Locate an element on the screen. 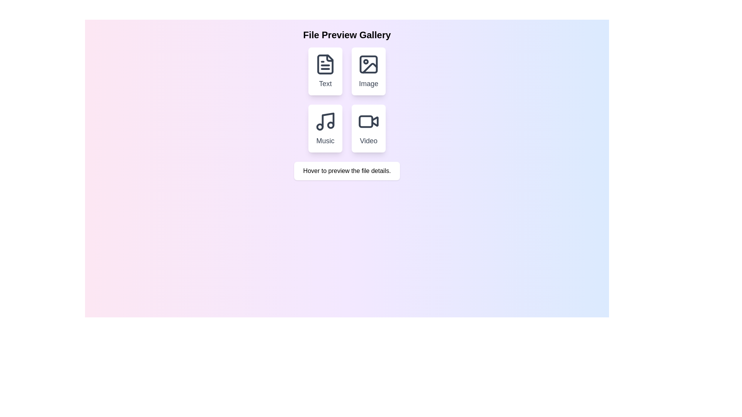 The height and width of the screenshot is (417, 742). the Interactive Card labeled 'Text' in the top-left corner of the 'File Preview Gallery' is located at coordinates (325, 71).